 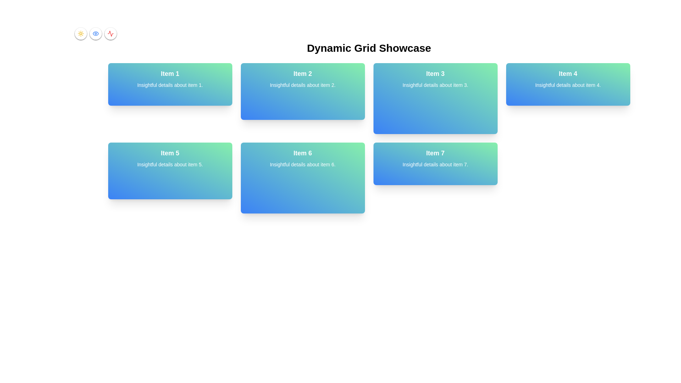 What do you see at coordinates (435, 164) in the screenshot?
I see `the text label displaying 'Insightful details about item 7.', which is styled with small-sized white text and is located within the 'Item 7' card in the second row, fourth column of the grid layout` at bounding box center [435, 164].